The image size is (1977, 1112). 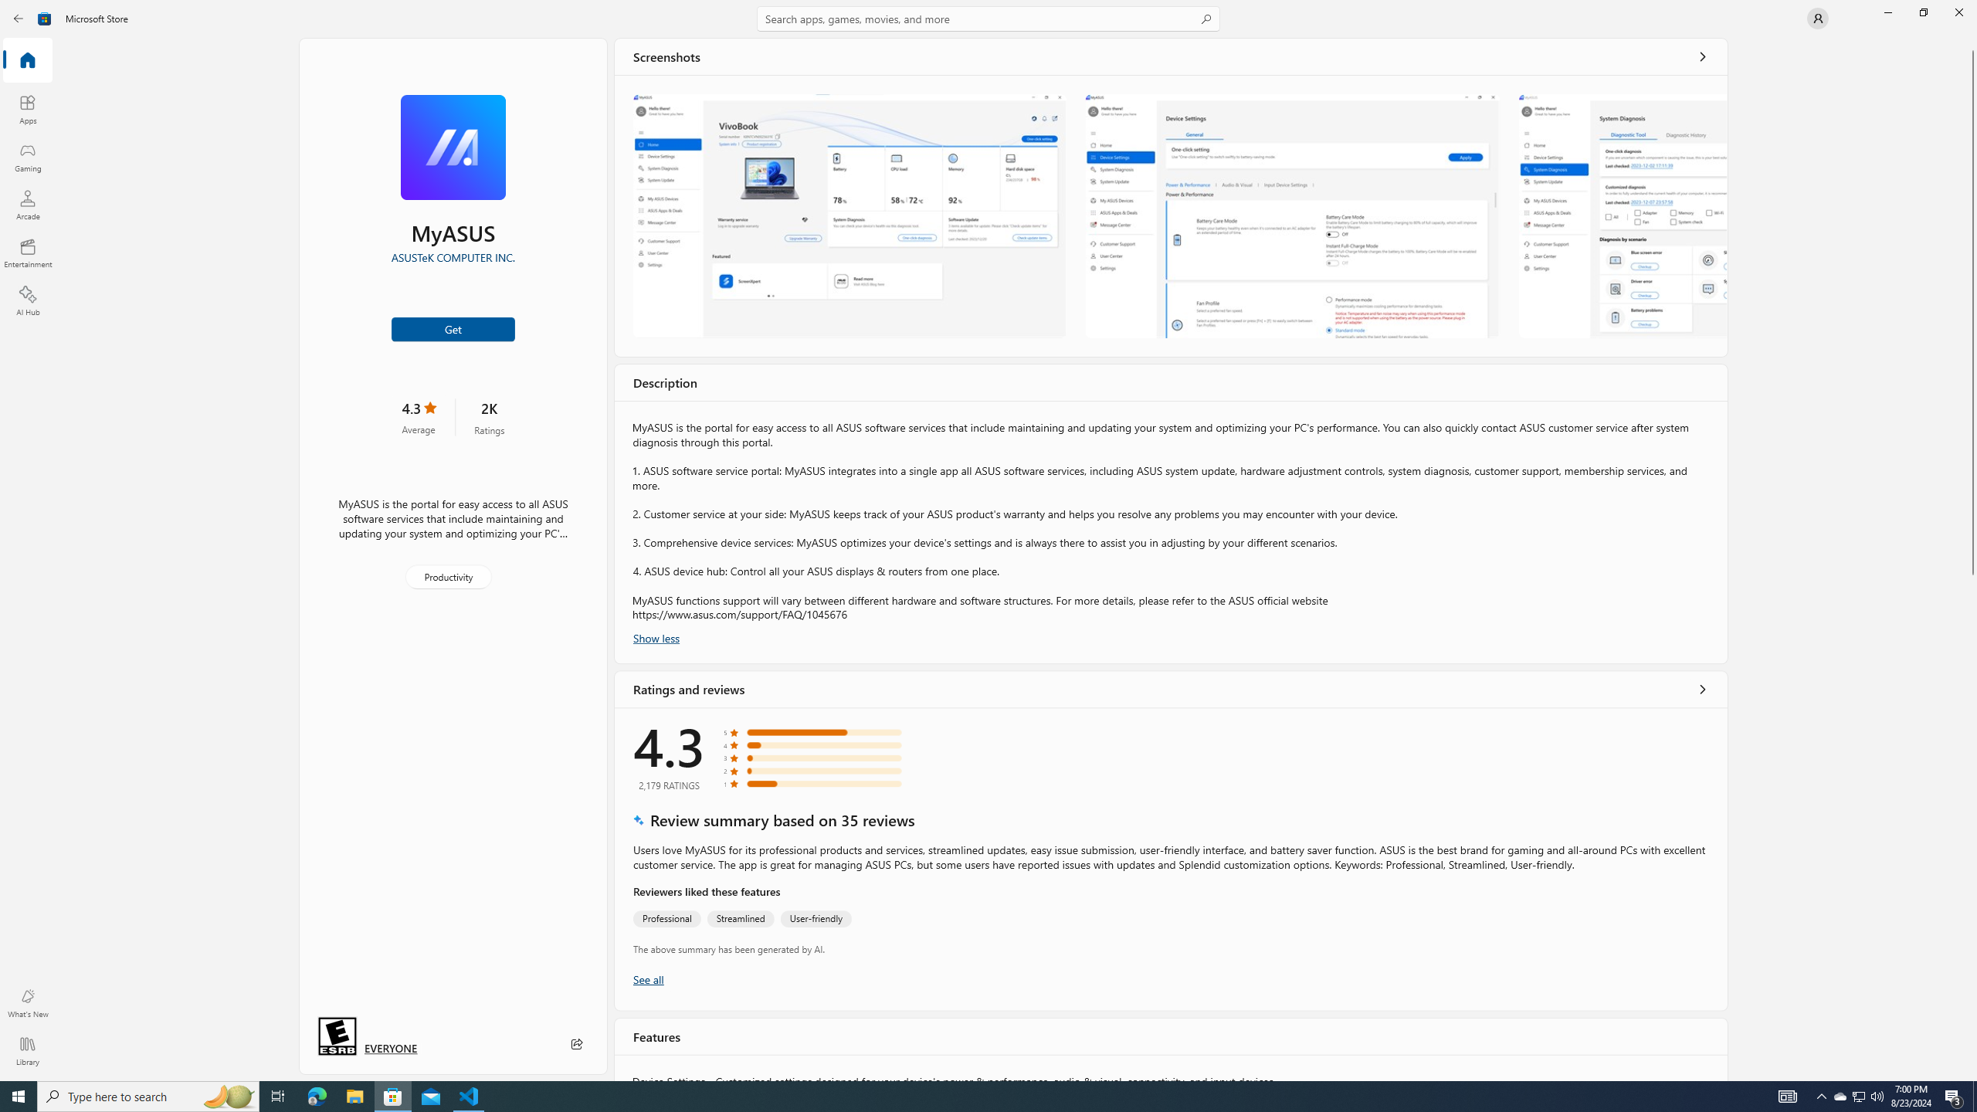 What do you see at coordinates (1971, 823) in the screenshot?
I see `'Vertical Large Increase'` at bounding box center [1971, 823].